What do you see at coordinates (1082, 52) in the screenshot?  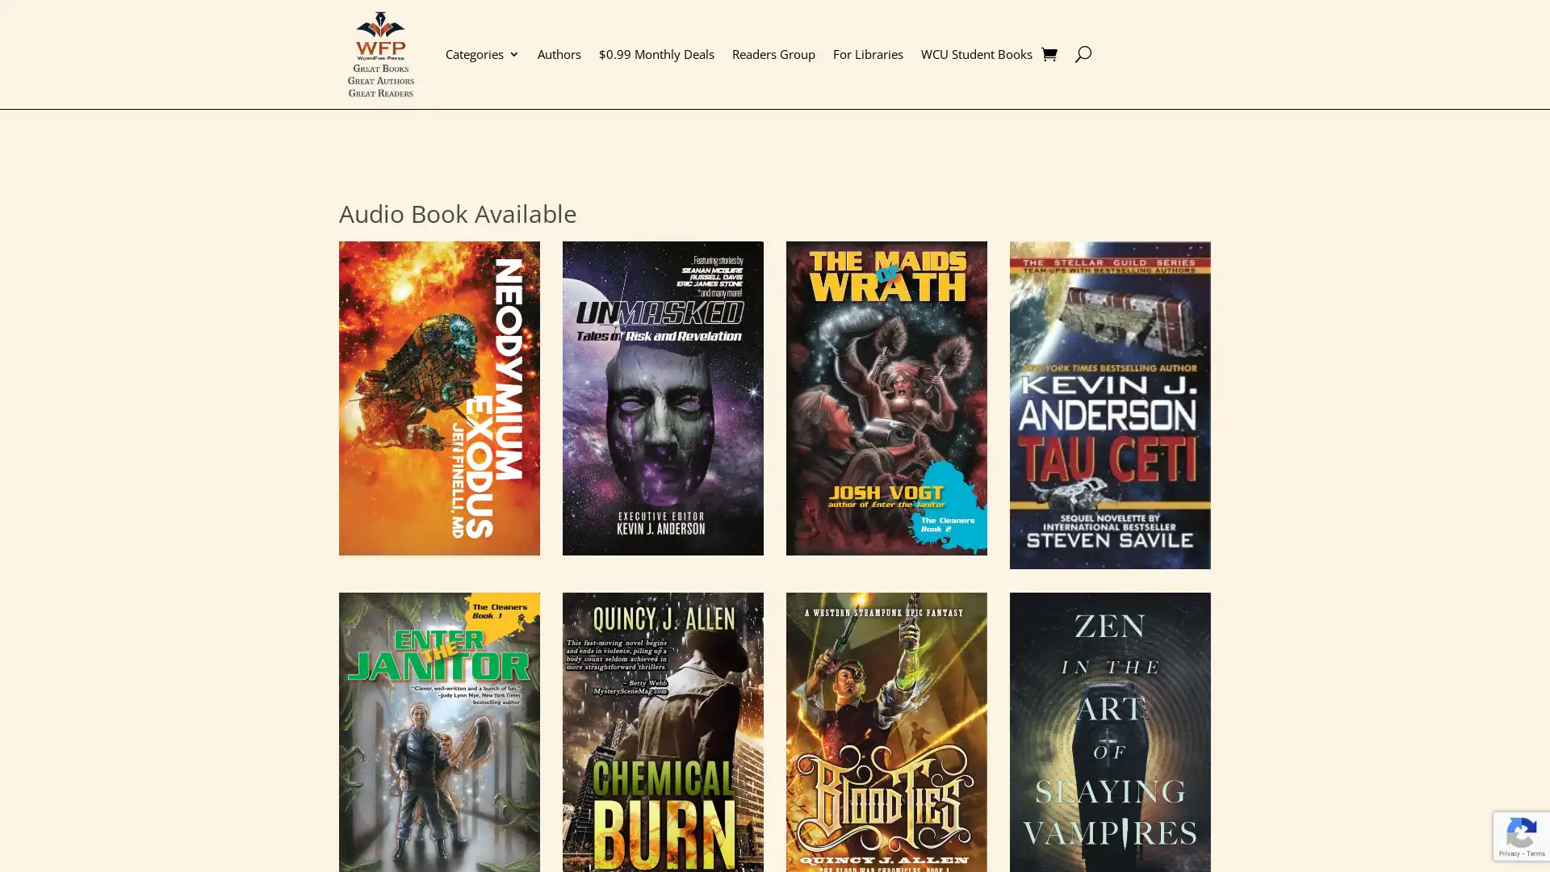 I see `U` at bounding box center [1082, 52].